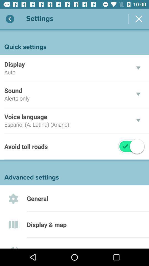 The image size is (149, 266). I want to click on settings menu, so click(139, 19).